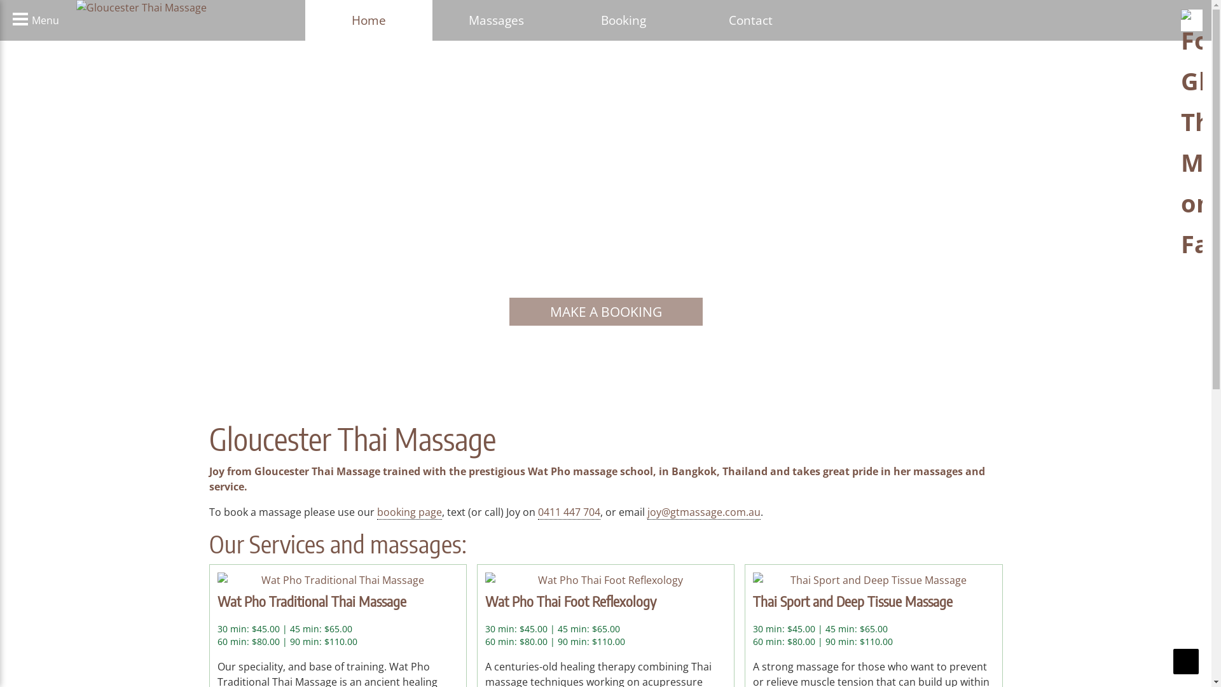  What do you see at coordinates (623, 20) in the screenshot?
I see `'Booking'` at bounding box center [623, 20].